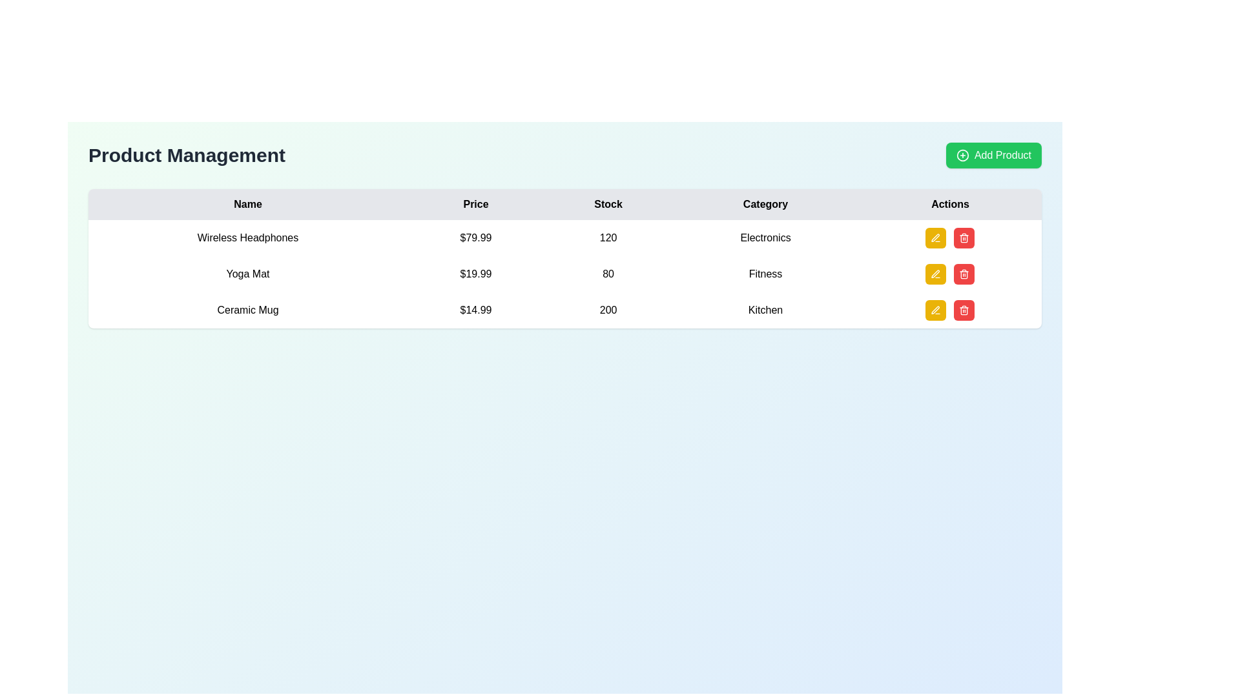 The image size is (1240, 697). Describe the element at coordinates (964, 239) in the screenshot. I see `the main outline of the trash bin icon located in the 'Actions' column for the third item in the product table, which signifies deletion` at that location.